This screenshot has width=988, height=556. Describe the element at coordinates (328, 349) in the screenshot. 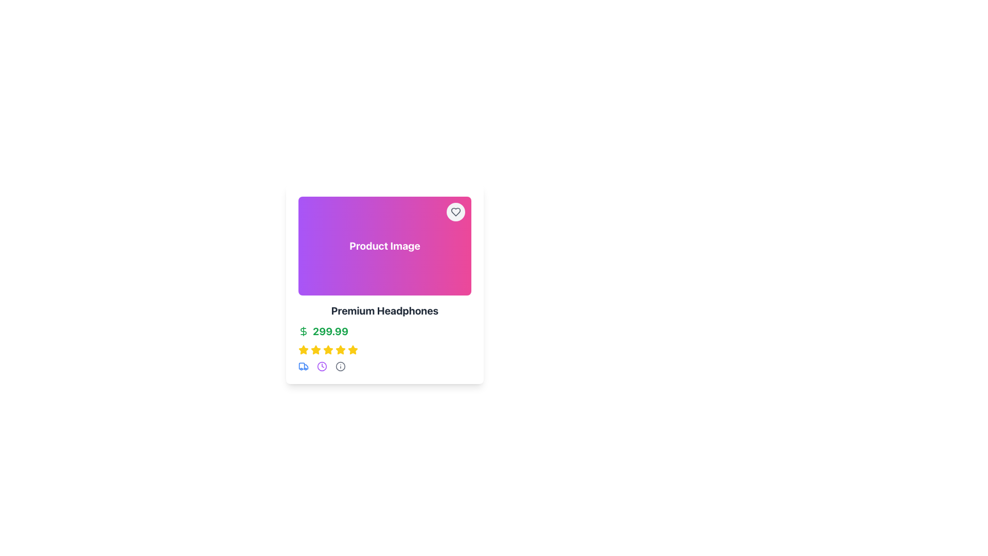

I see `the fourth star icon from the left` at that location.